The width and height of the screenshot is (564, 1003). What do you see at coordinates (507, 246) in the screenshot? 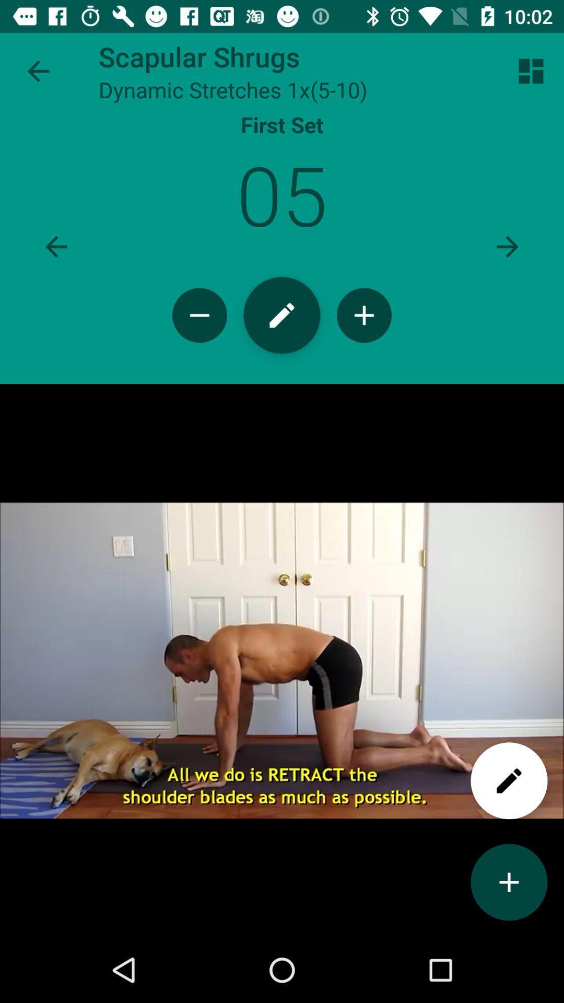
I see `next` at bounding box center [507, 246].